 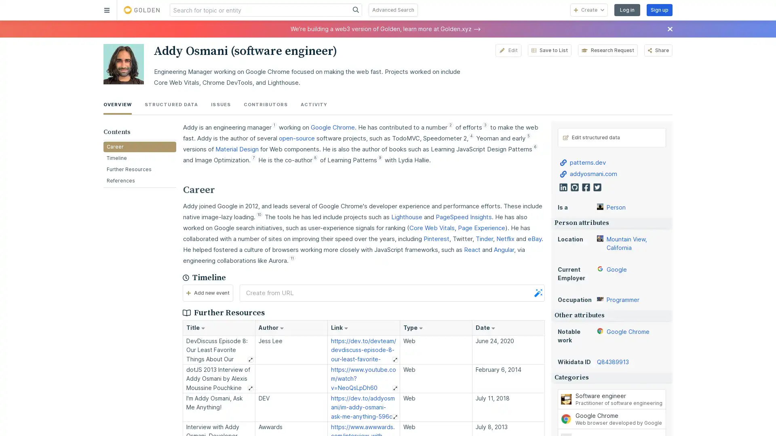 I want to click on Save to List, so click(x=549, y=50).